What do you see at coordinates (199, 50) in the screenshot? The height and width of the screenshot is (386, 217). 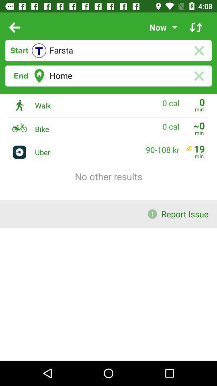 I see `close` at bounding box center [199, 50].